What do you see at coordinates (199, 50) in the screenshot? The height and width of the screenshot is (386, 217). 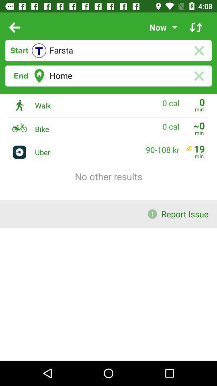 I see `close` at bounding box center [199, 50].